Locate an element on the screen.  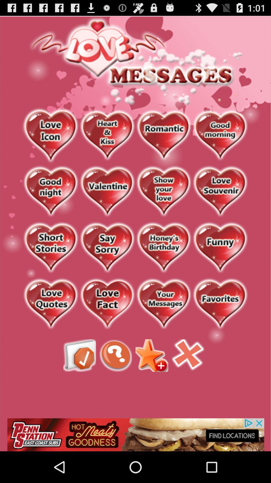
menu option is located at coordinates (79, 355).